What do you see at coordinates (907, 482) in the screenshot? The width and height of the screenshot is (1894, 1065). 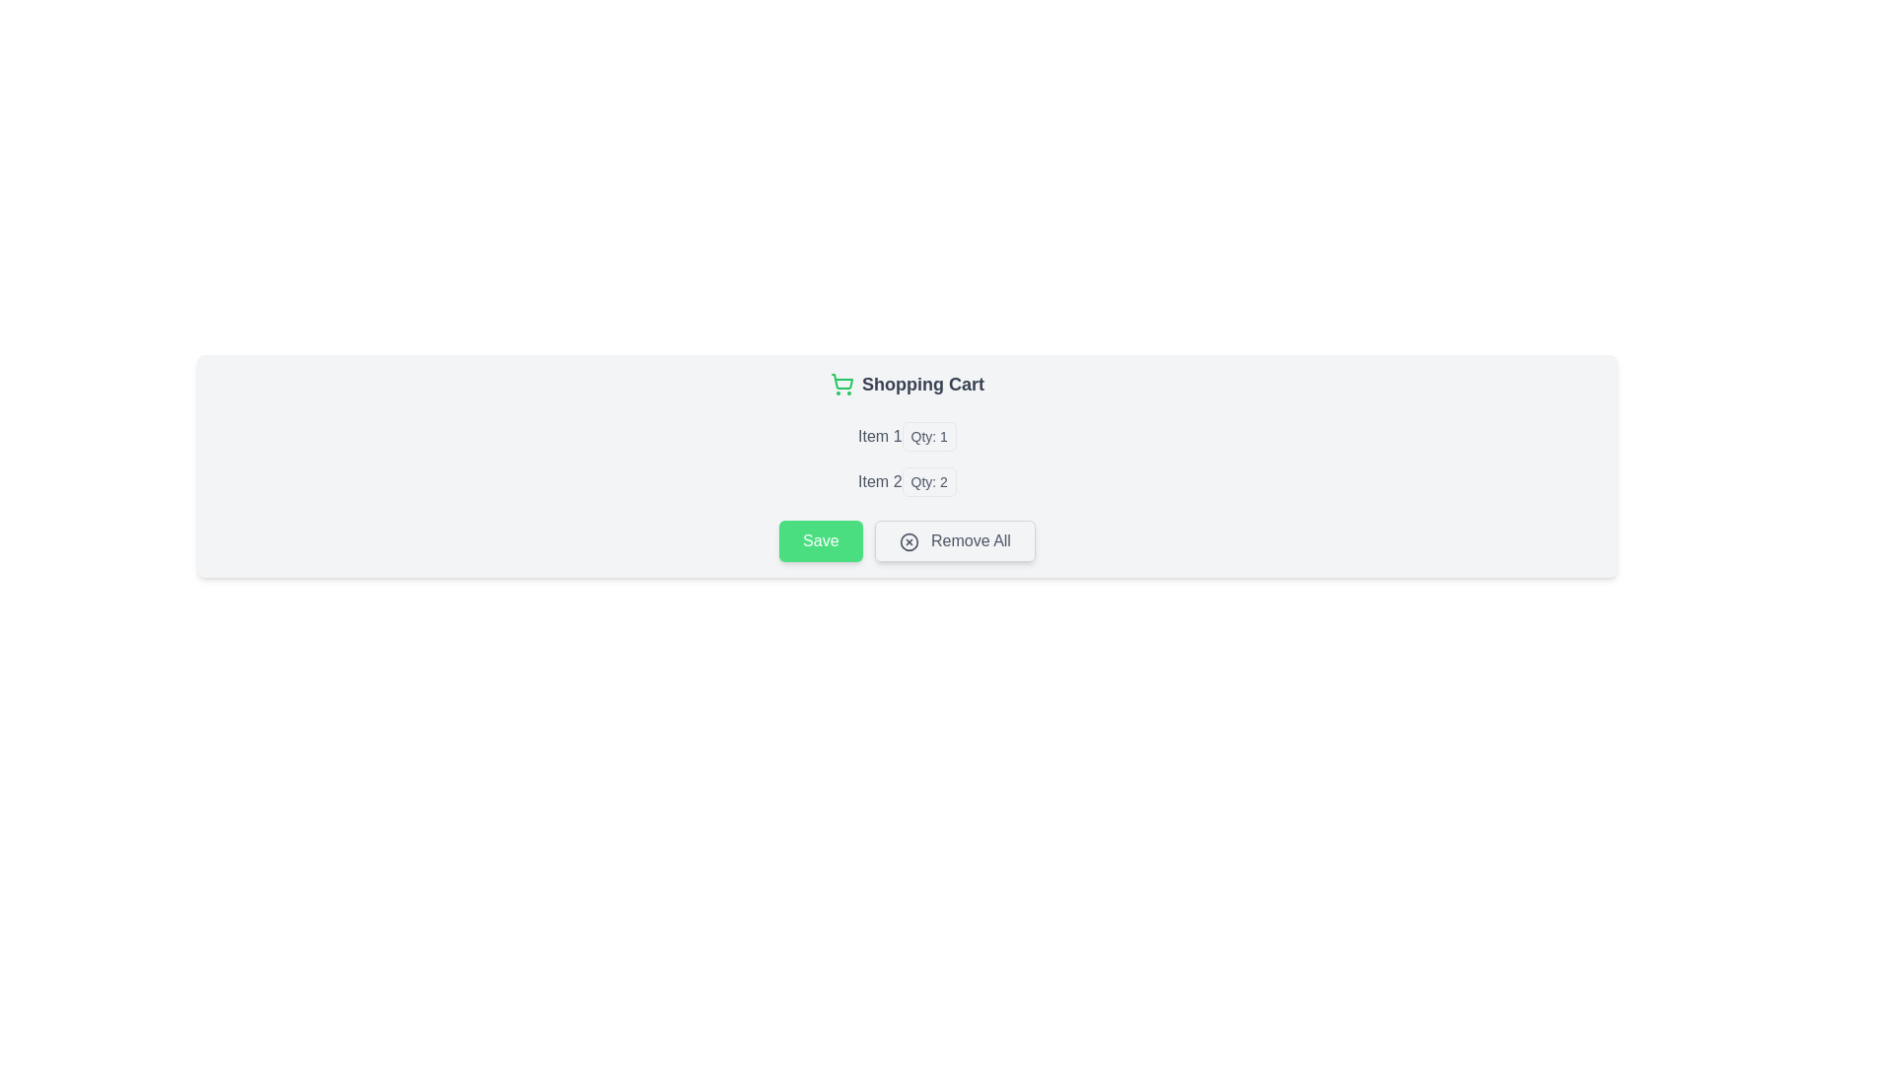 I see `the Text label displaying 'Item 2' and 'Qty: 2', which is located in the middle-right area of the interface under the 'Shopping Cart' section` at bounding box center [907, 482].